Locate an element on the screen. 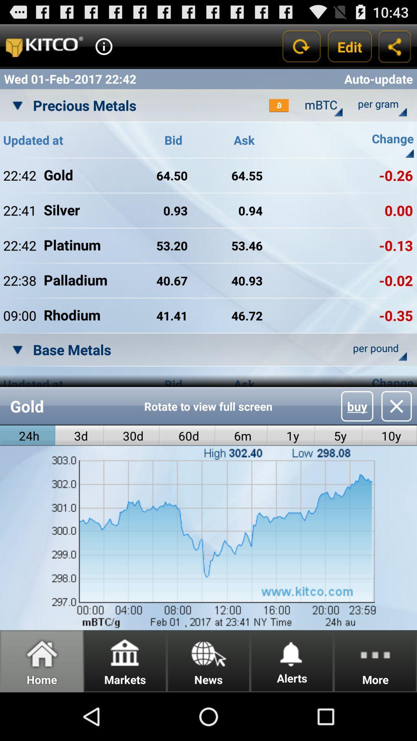 This screenshot has width=417, height=741. the info icon is located at coordinates (103, 49).